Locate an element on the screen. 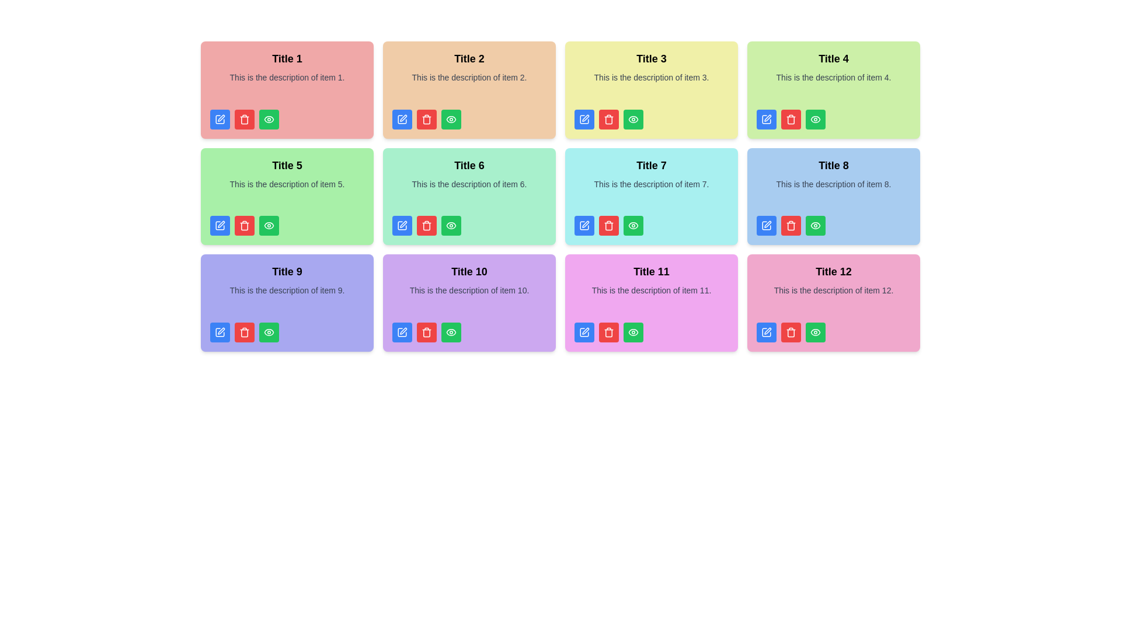 Image resolution: width=1121 pixels, height=630 pixels. the trash can icon, which is styled in red and located within the red button is located at coordinates (791, 119).